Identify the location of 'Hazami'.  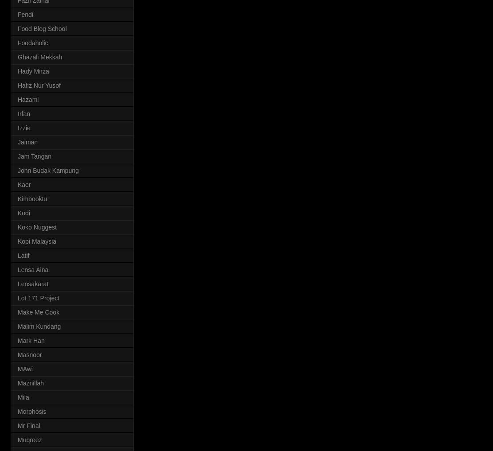
(28, 98).